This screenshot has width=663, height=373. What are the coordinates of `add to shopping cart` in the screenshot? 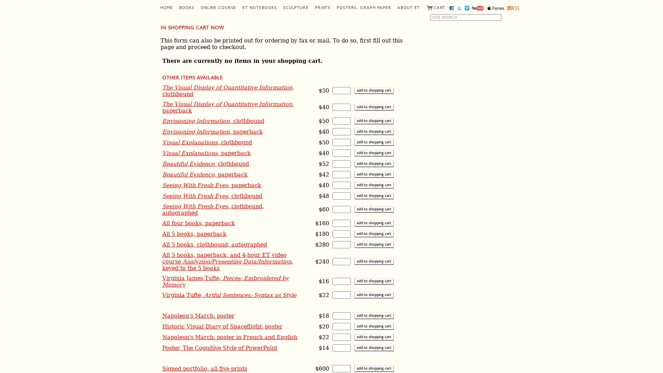 It's located at (374, 209).